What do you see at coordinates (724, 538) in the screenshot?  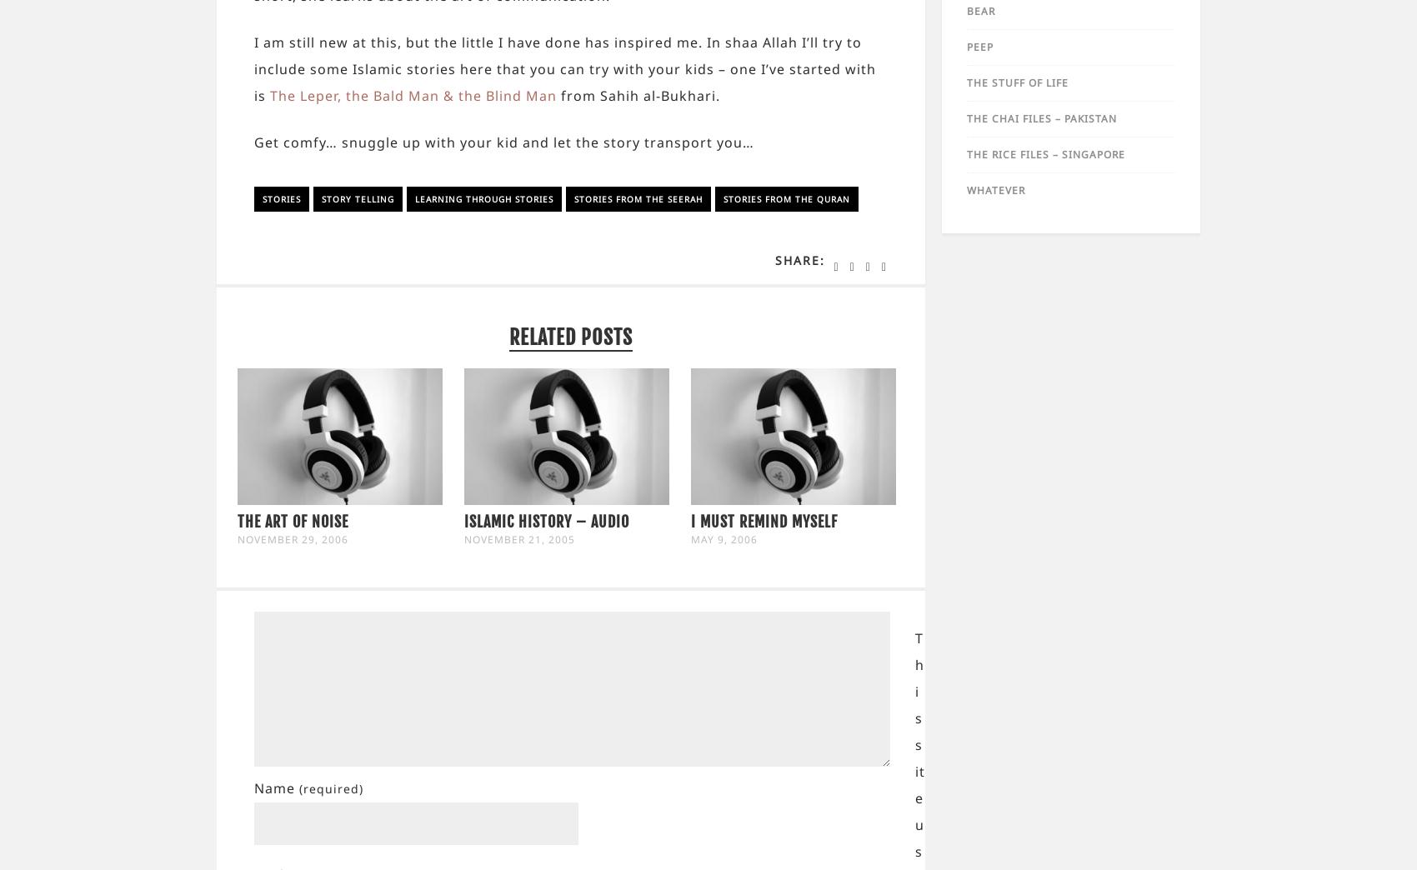 I see `'May 9, 2006'` at bounding box center [724, 538].